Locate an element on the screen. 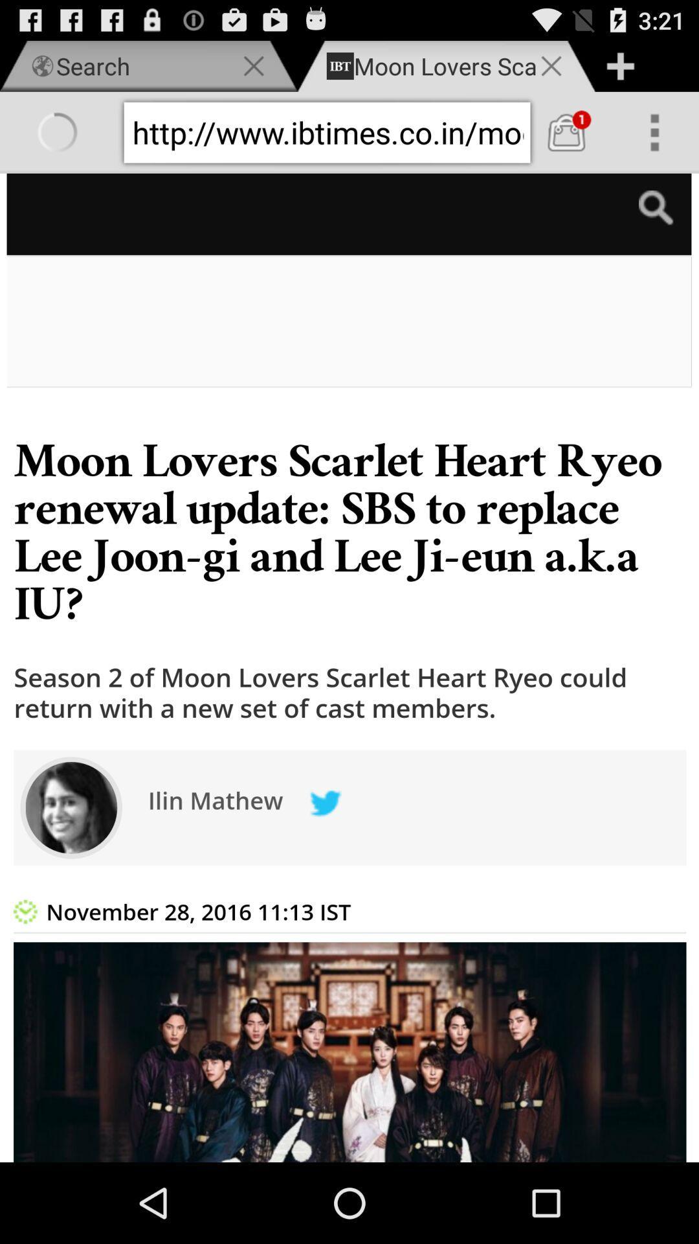 Image resolution: width=699 pixels, height=1244 pixels. the add icon is located at coordinates (619, 70).